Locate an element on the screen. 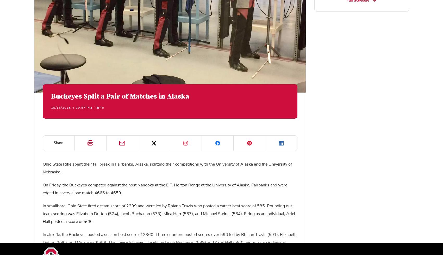  'Manage Your Account' is located at coordinates (155, 176).